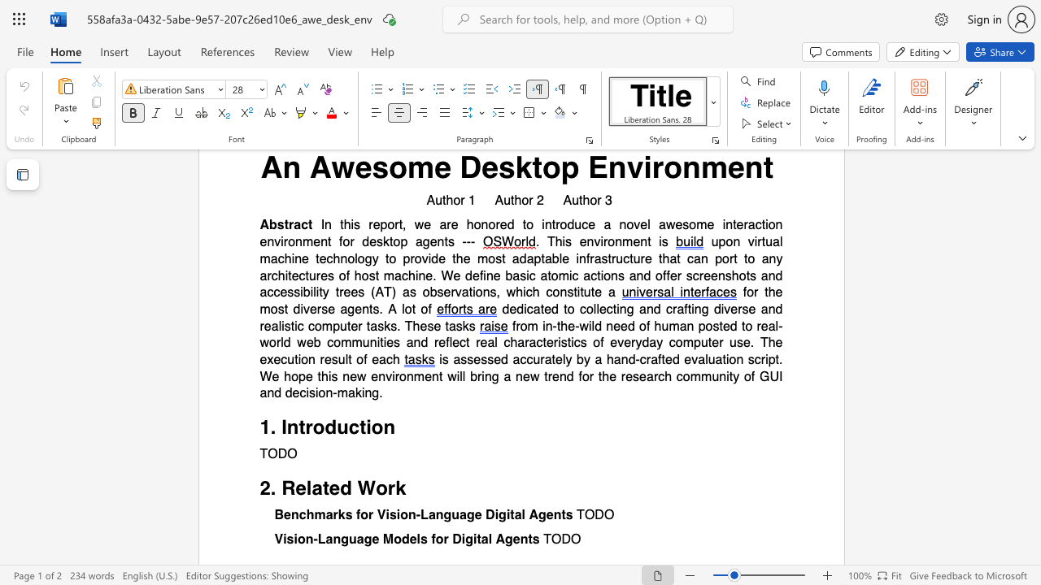  I want to click on the subset text "sult of each" within the text "from in-the-wild need of human posted to real-world web communities and reflect real characteristics of everyday computer use. The execution result of each", so click(330, 359).